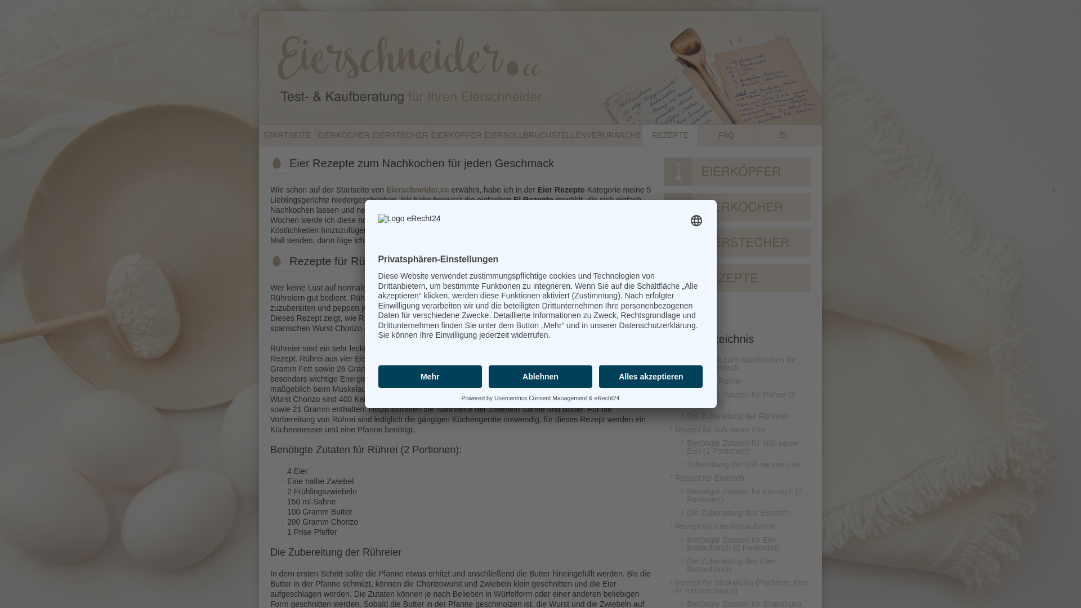 The image size is (1081, 608). Describe the element at coordinates (287, 134) in the screenshot. I see `'STARTSEITE'` at that location.